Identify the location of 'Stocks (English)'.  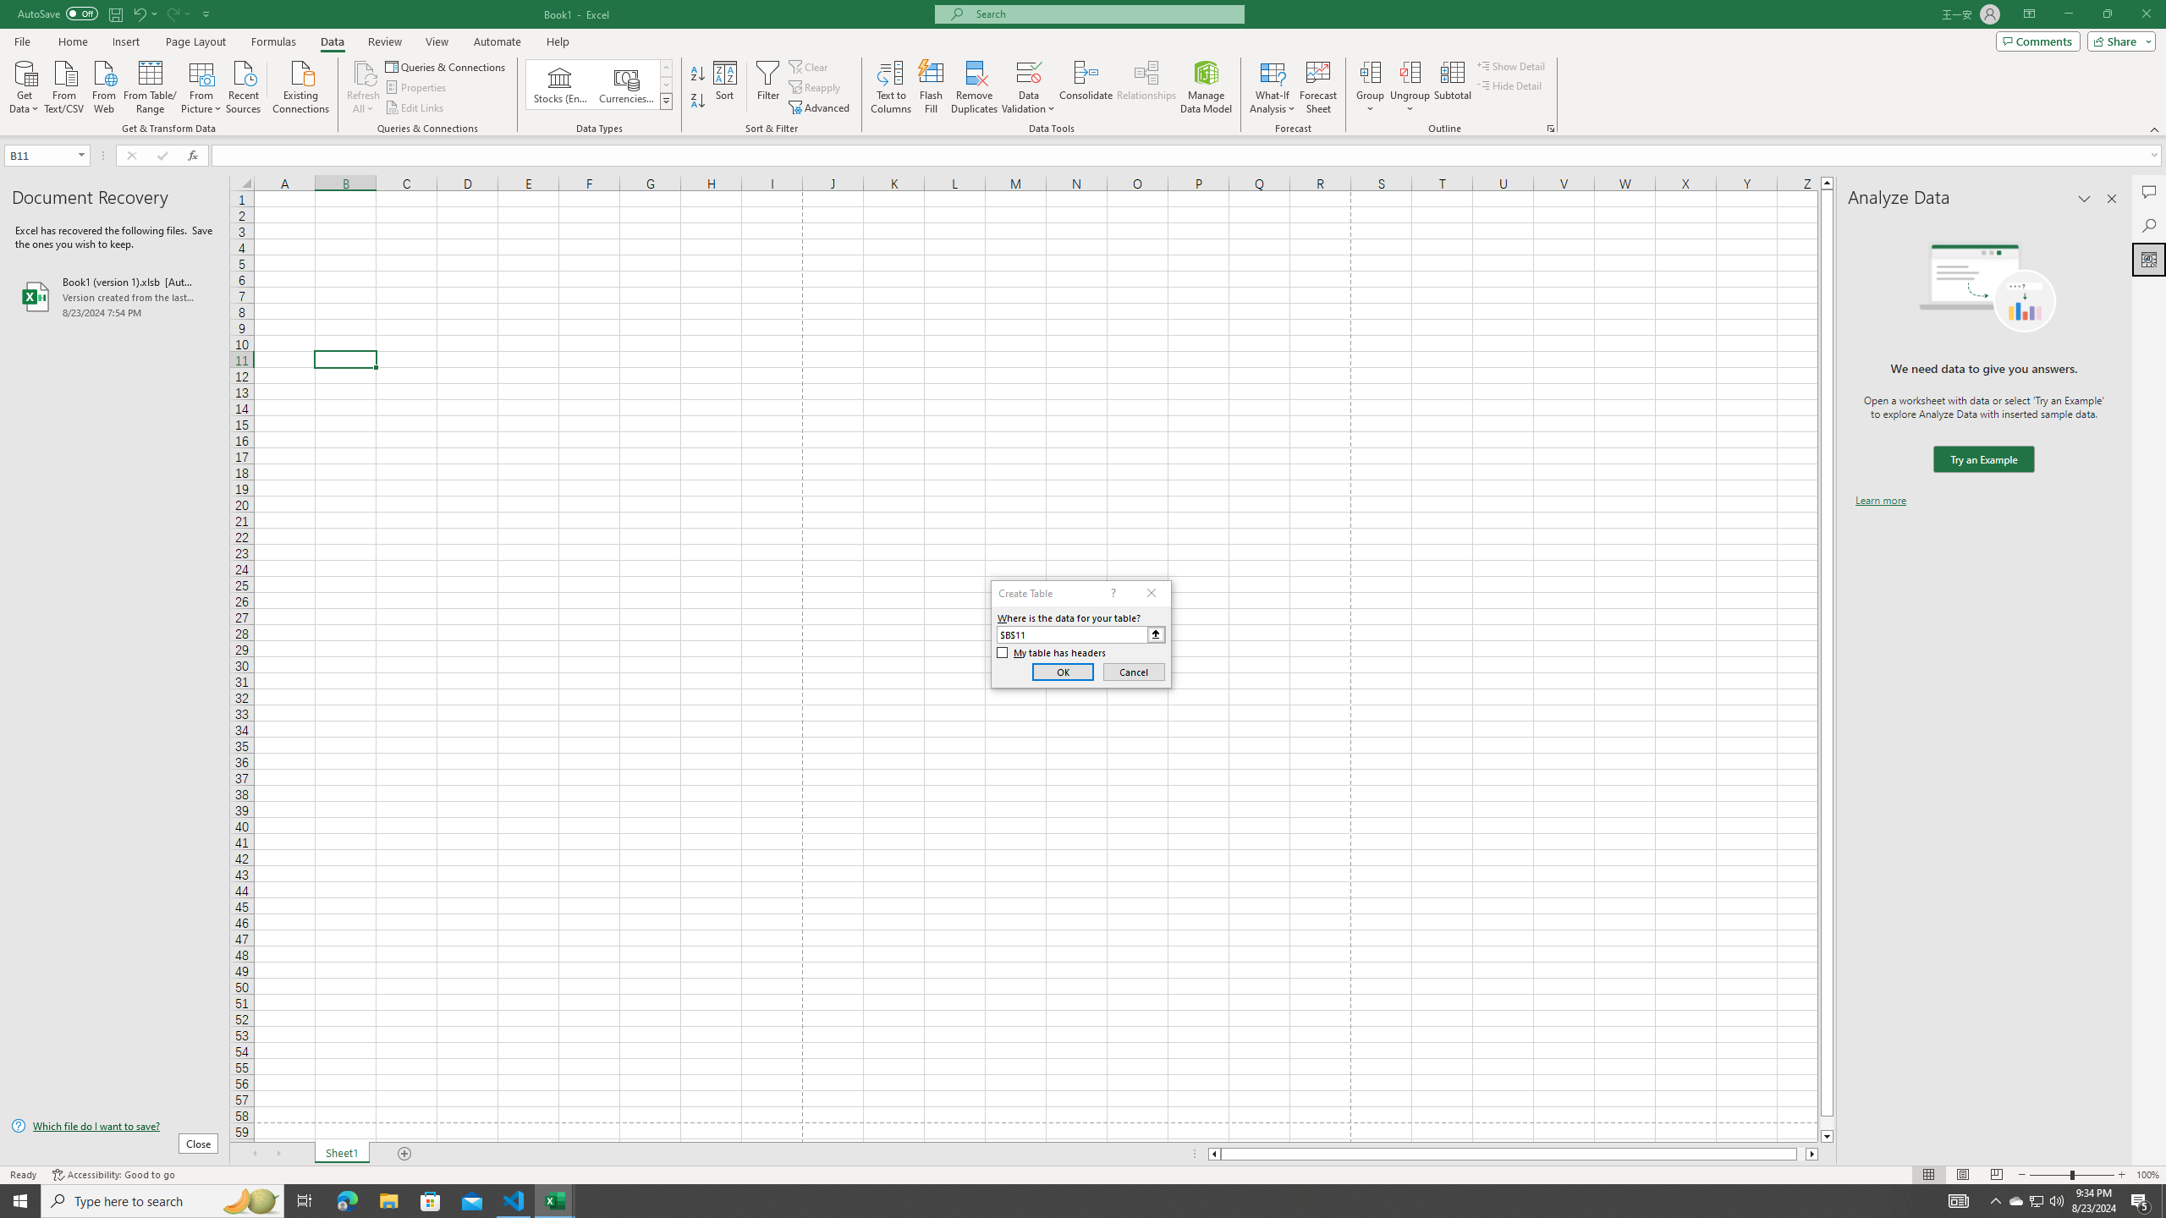
(558, 84).